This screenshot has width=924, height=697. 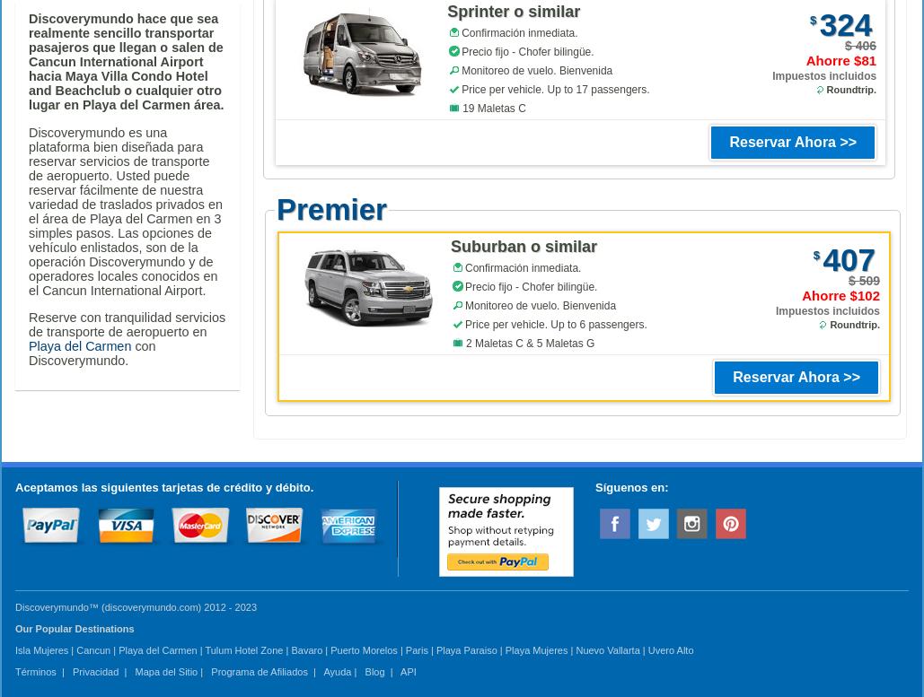 I want to click on 'Playa Mujeres', so click(x=536, y=649).